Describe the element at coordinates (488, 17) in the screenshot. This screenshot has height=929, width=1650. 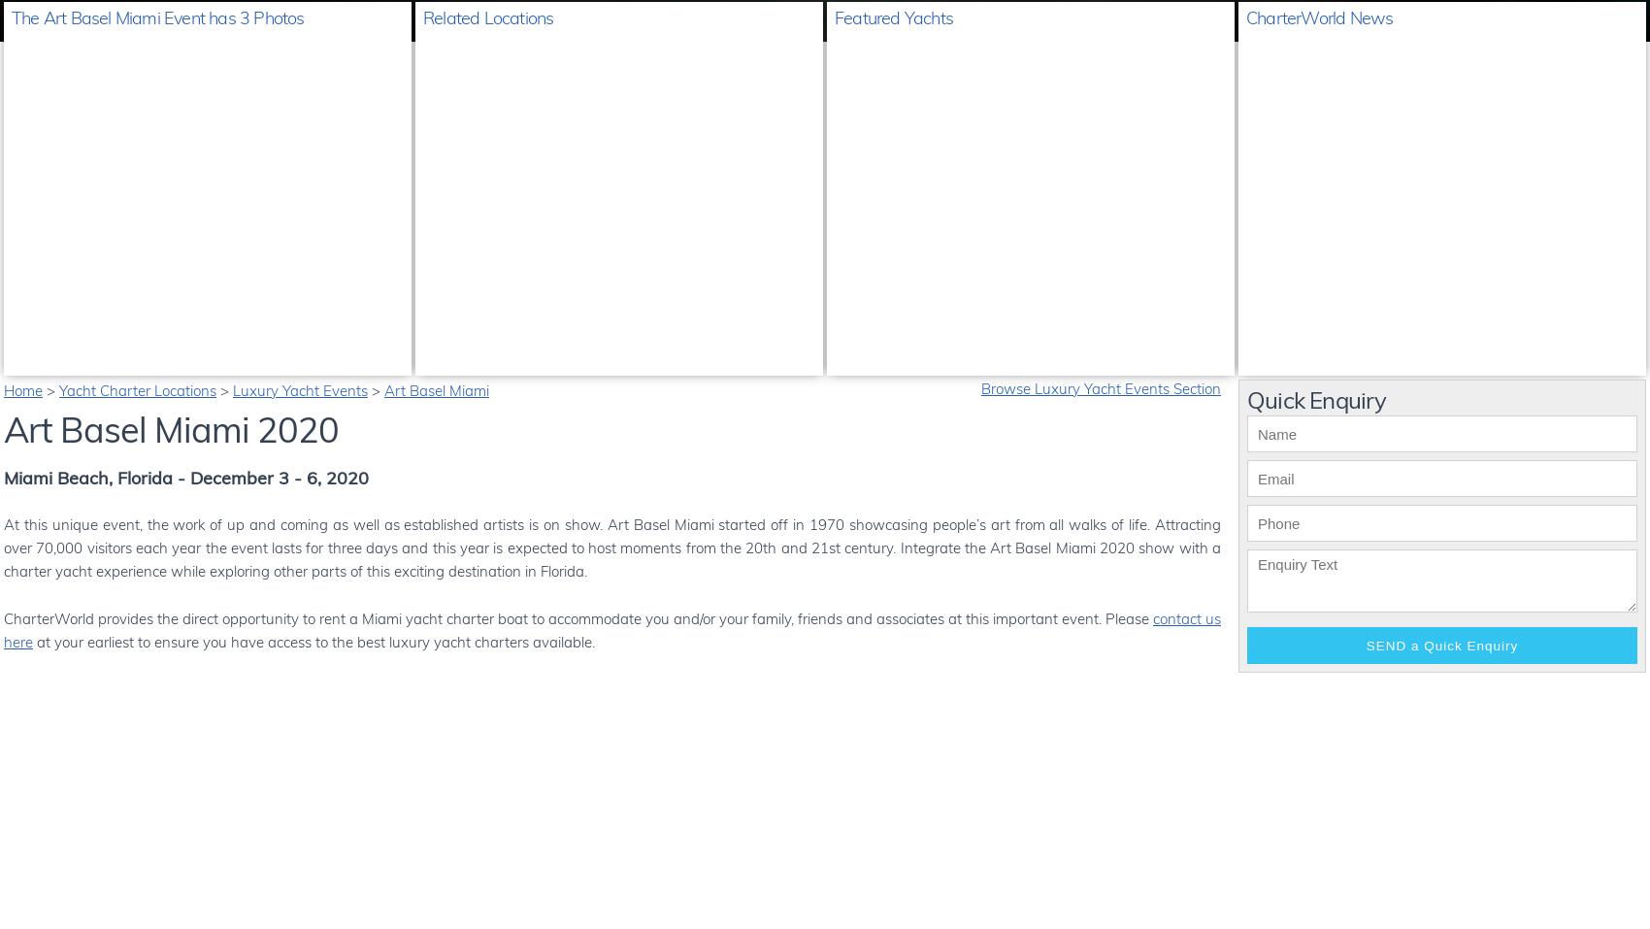
I see `'Related Locations'` at that location.